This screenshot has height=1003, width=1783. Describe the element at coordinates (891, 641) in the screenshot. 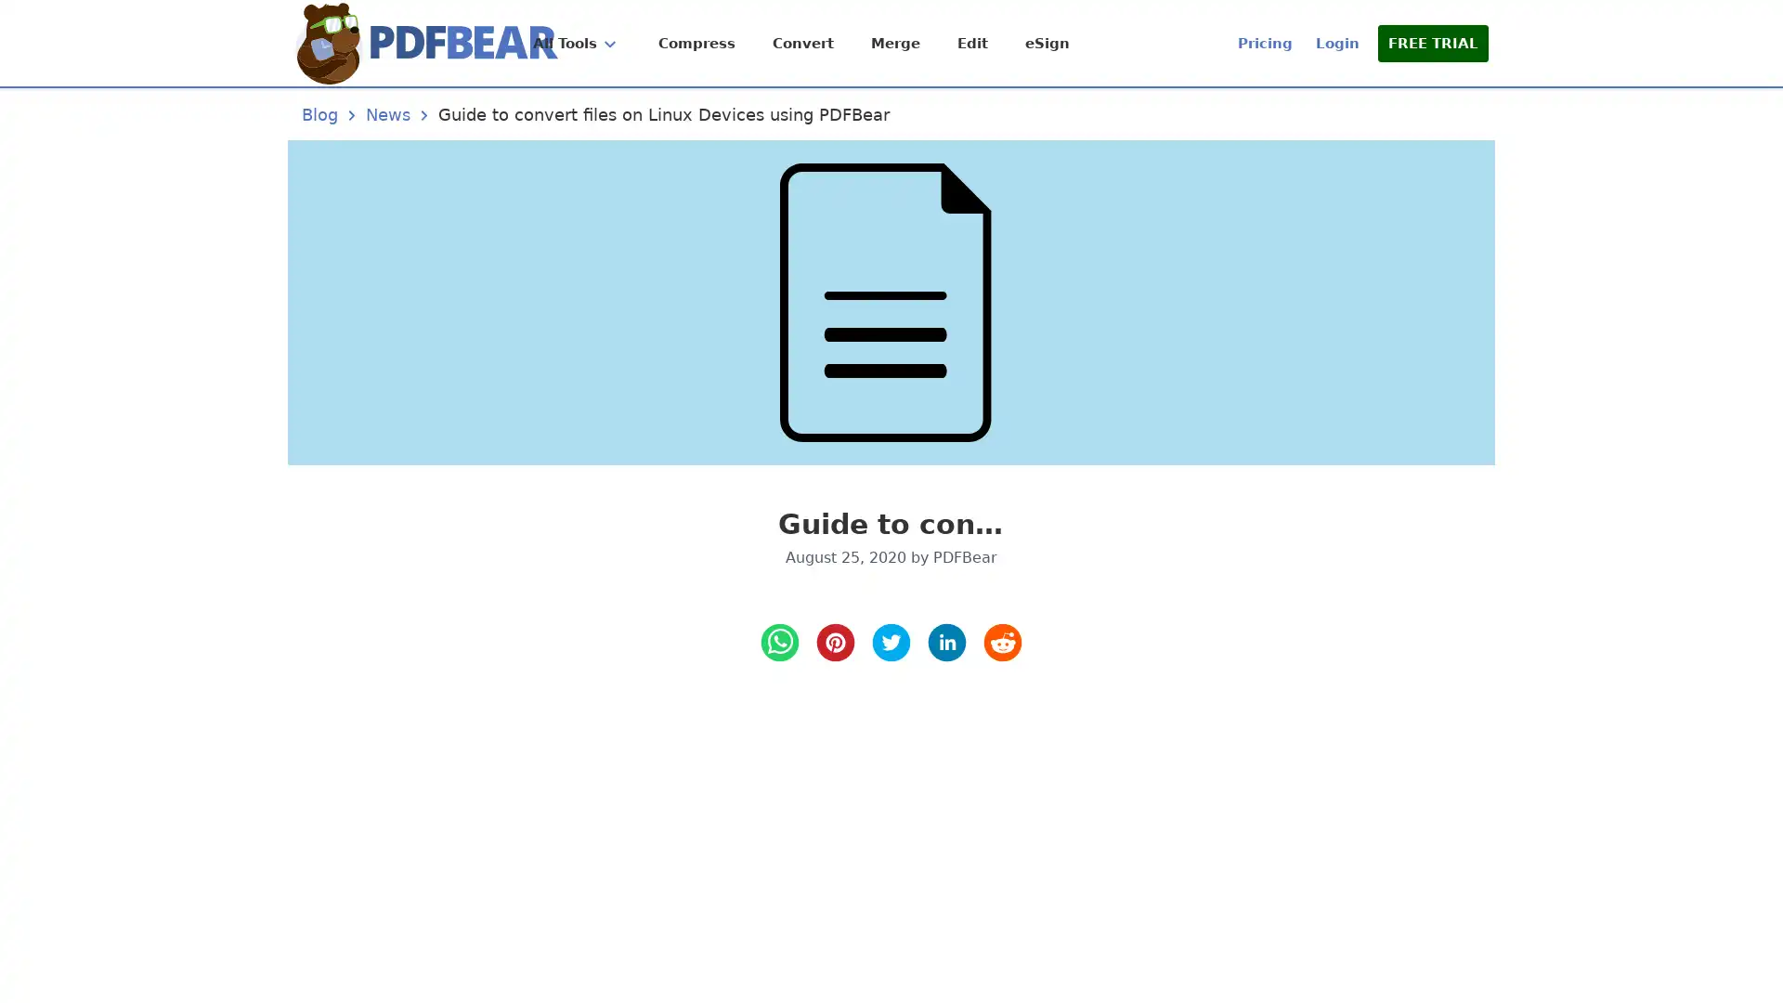

I see `Twitter` at that location.